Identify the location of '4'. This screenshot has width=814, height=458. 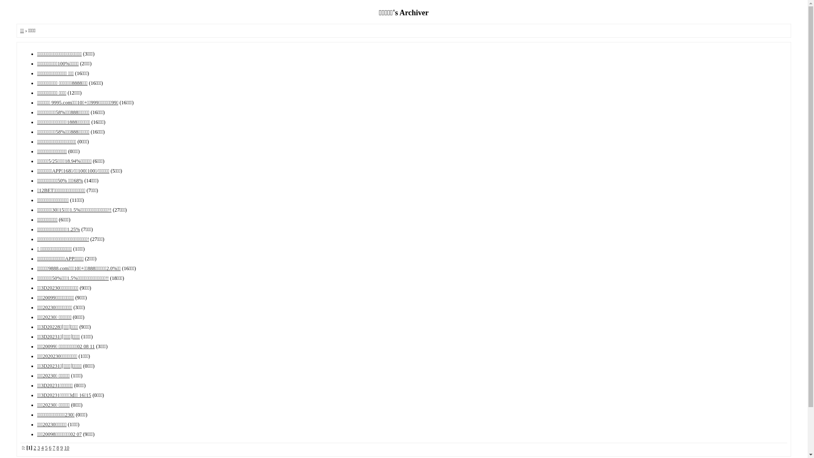
(42, 447).